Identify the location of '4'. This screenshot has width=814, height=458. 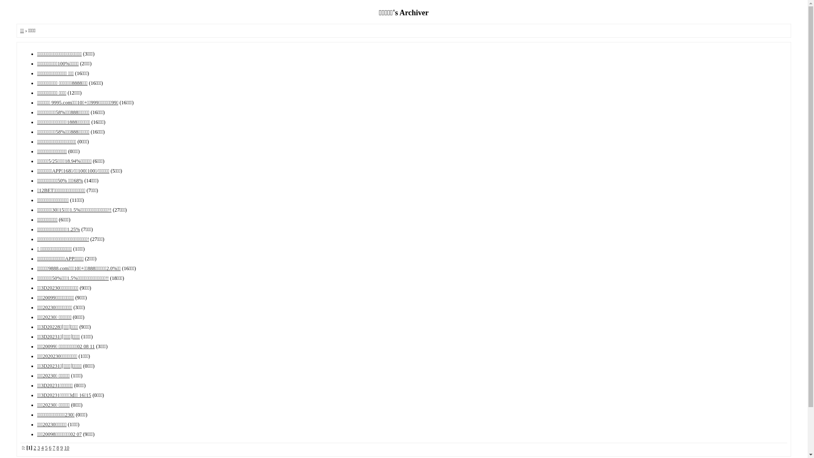
(42, 447).